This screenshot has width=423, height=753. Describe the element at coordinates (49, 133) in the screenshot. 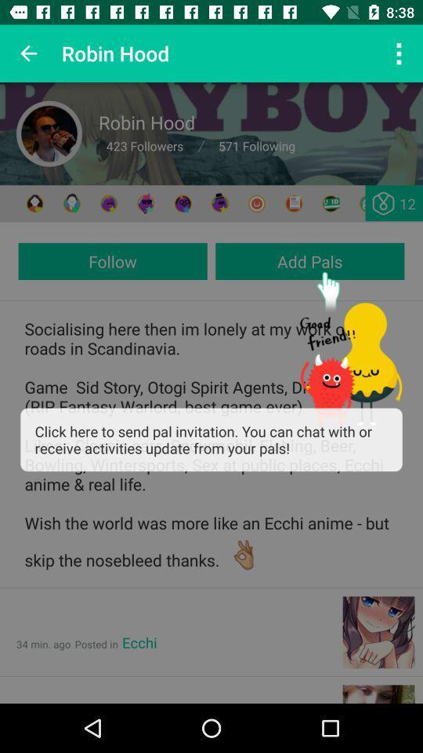

I see `profile` at that location.